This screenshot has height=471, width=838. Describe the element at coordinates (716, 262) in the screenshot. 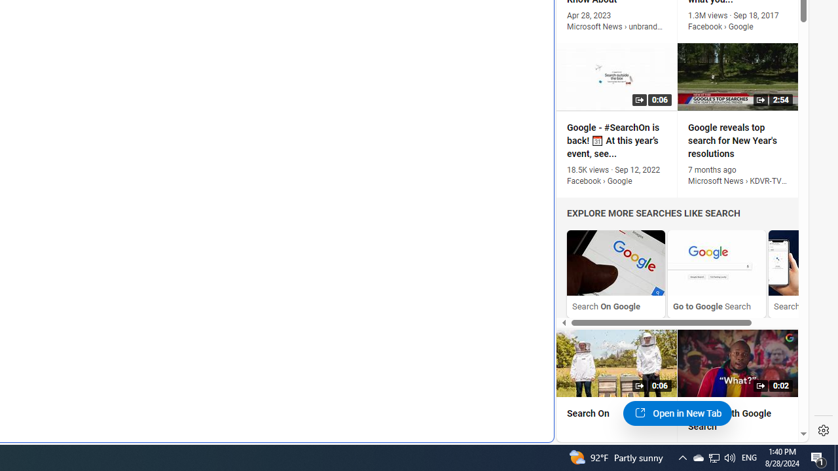

I see `'Go to Google Search'` at that location.